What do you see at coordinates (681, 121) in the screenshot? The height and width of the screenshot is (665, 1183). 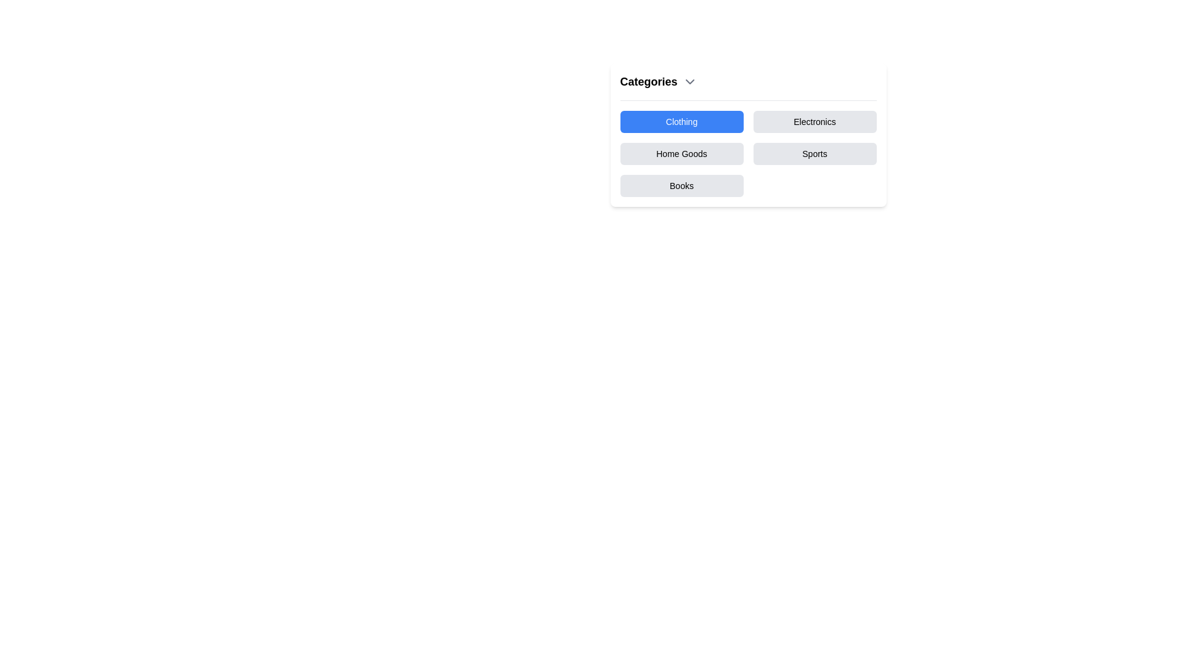 I see `the 'Clothing' button, which is a rectangular button with rounded edges and a blue background, displaying the text 'Clothing' in white centered within it, located in the top-left corner of the grid under the 'Categories' section` at bounding box center [681, 121].